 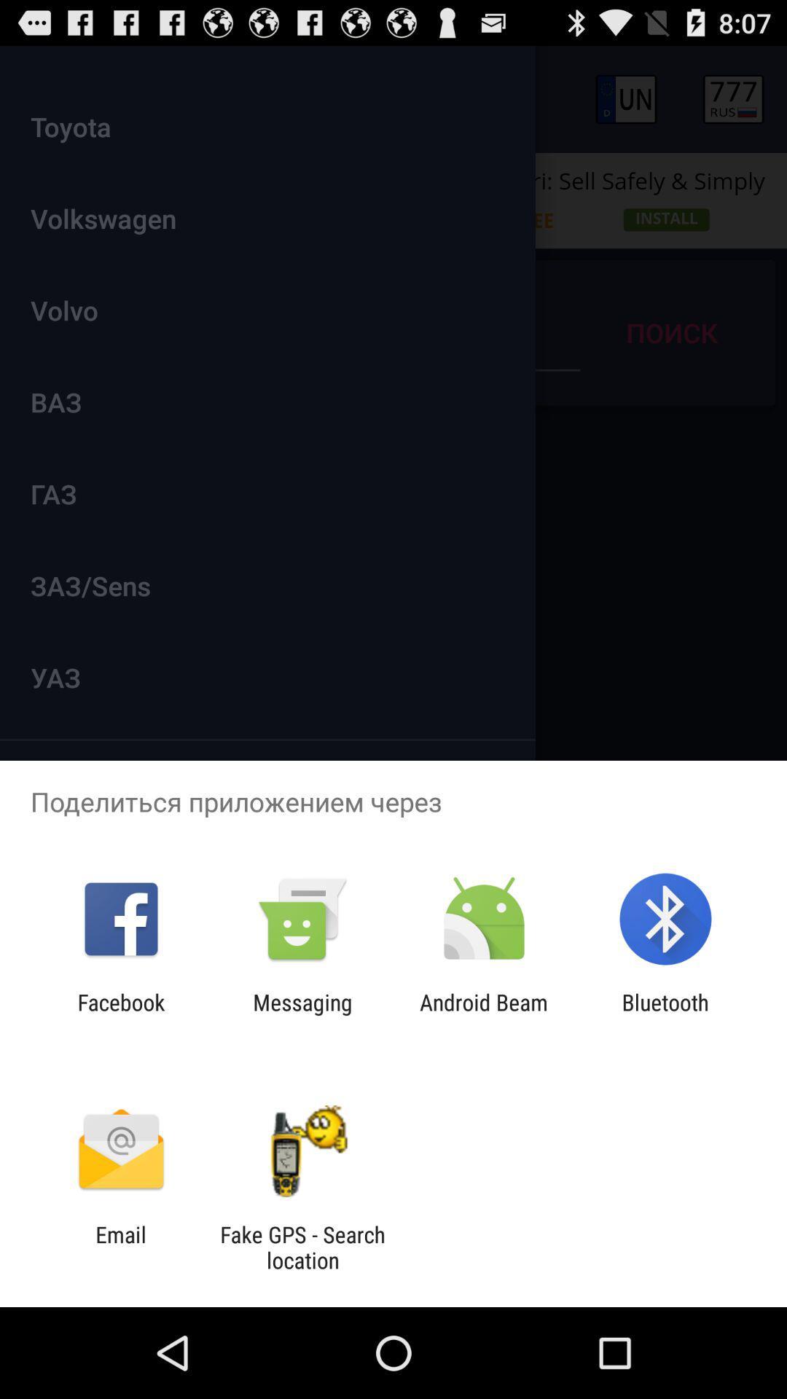 What do you see at coordinates (120, 1014) in the screenshot?
I see `the app to the left of the messaging item` at bounding box center [120, 1014].